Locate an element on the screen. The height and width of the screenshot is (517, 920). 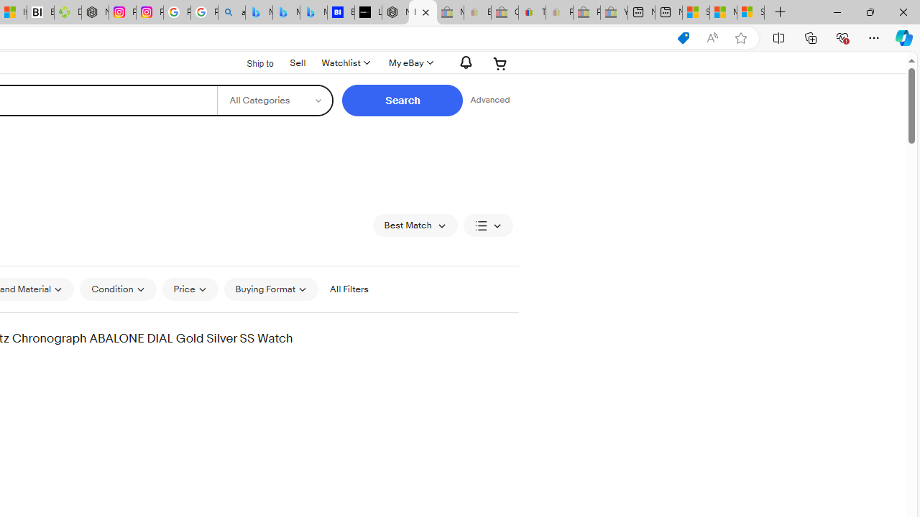
'Microsoft Bing Travel - Flights from Hong Kong to Bangkok' is located at coordinates (259, 12).